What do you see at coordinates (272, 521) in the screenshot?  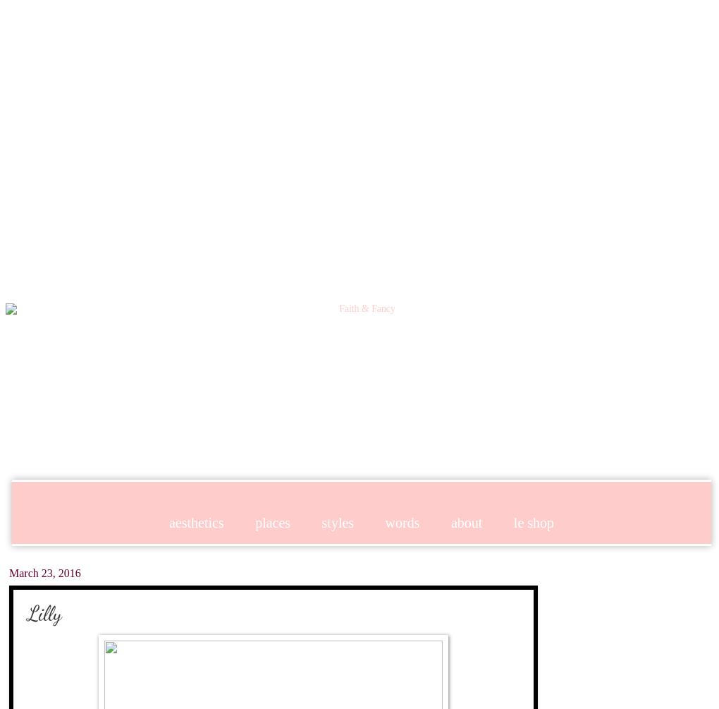 I see `'places'` at bounding box center [272, 521].